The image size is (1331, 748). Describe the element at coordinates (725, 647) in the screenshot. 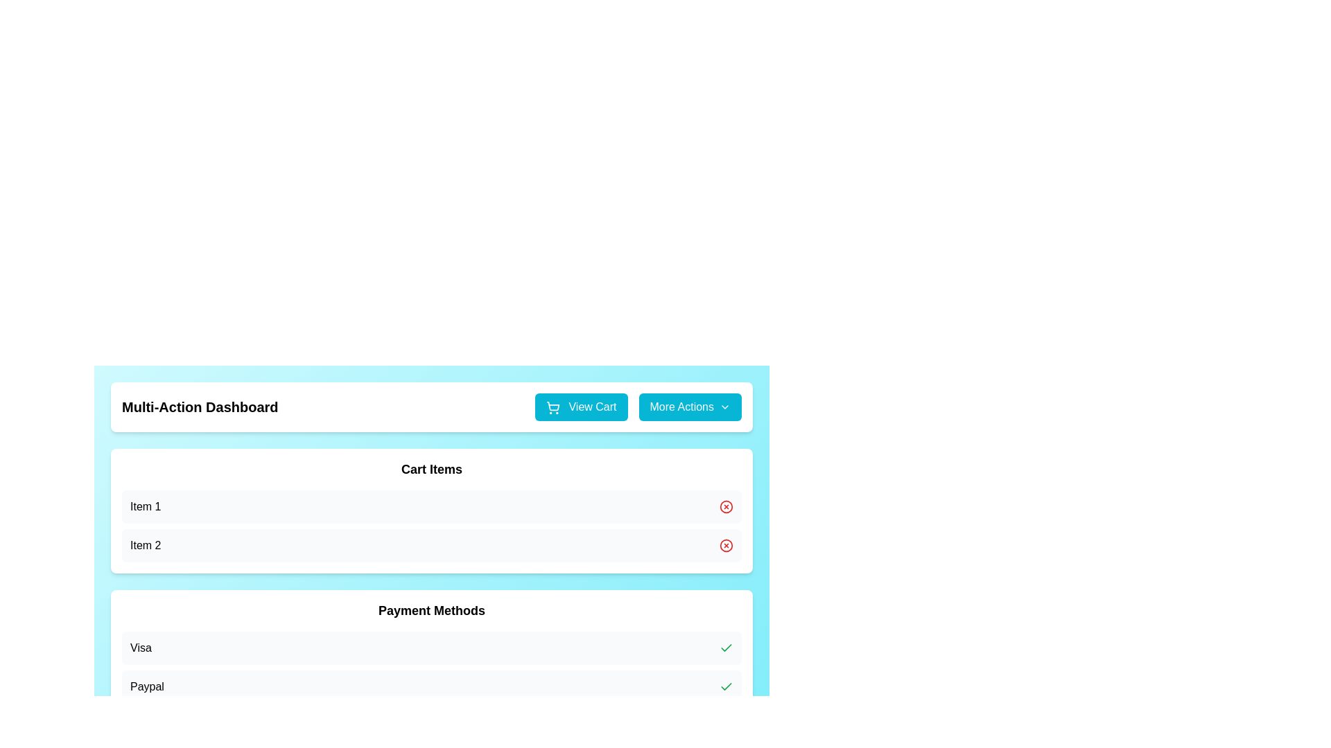

I see `the 'Paypal' payment method confirmation icon located in the 'Payment Methods' section, which is aligned with other related icons` at that location.